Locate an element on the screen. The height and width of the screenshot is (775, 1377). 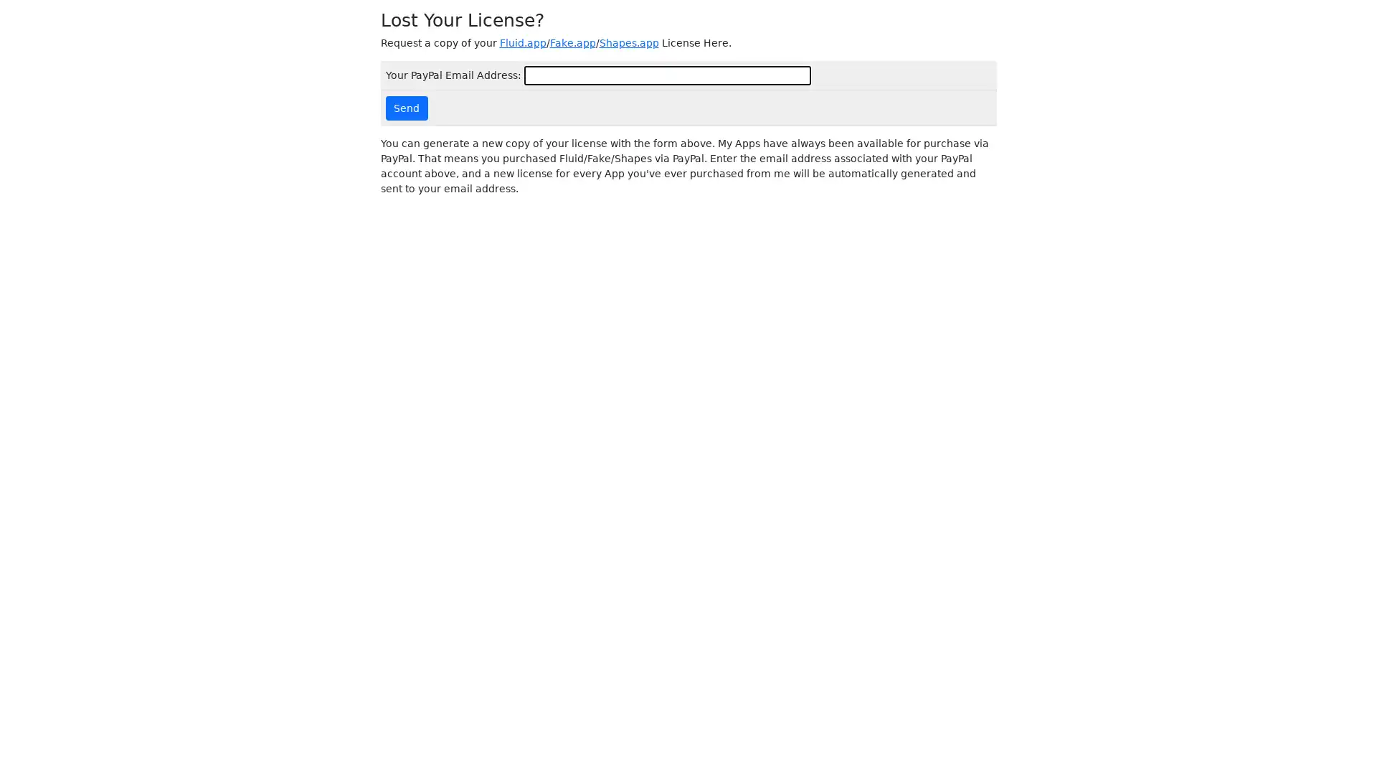
Send is located at coordinates (405, 107).